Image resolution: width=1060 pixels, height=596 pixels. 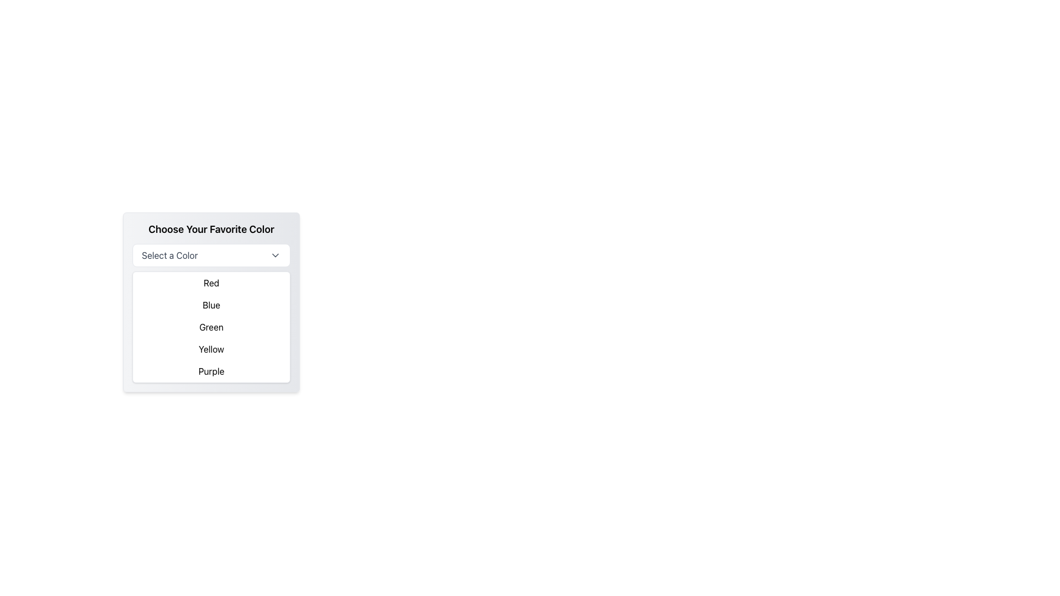 I want to click on the Dropdown Menu containing options 'Red', 'Blue', 'Green', 'Yellow', and 'Purple', so click(x=211, y=327).